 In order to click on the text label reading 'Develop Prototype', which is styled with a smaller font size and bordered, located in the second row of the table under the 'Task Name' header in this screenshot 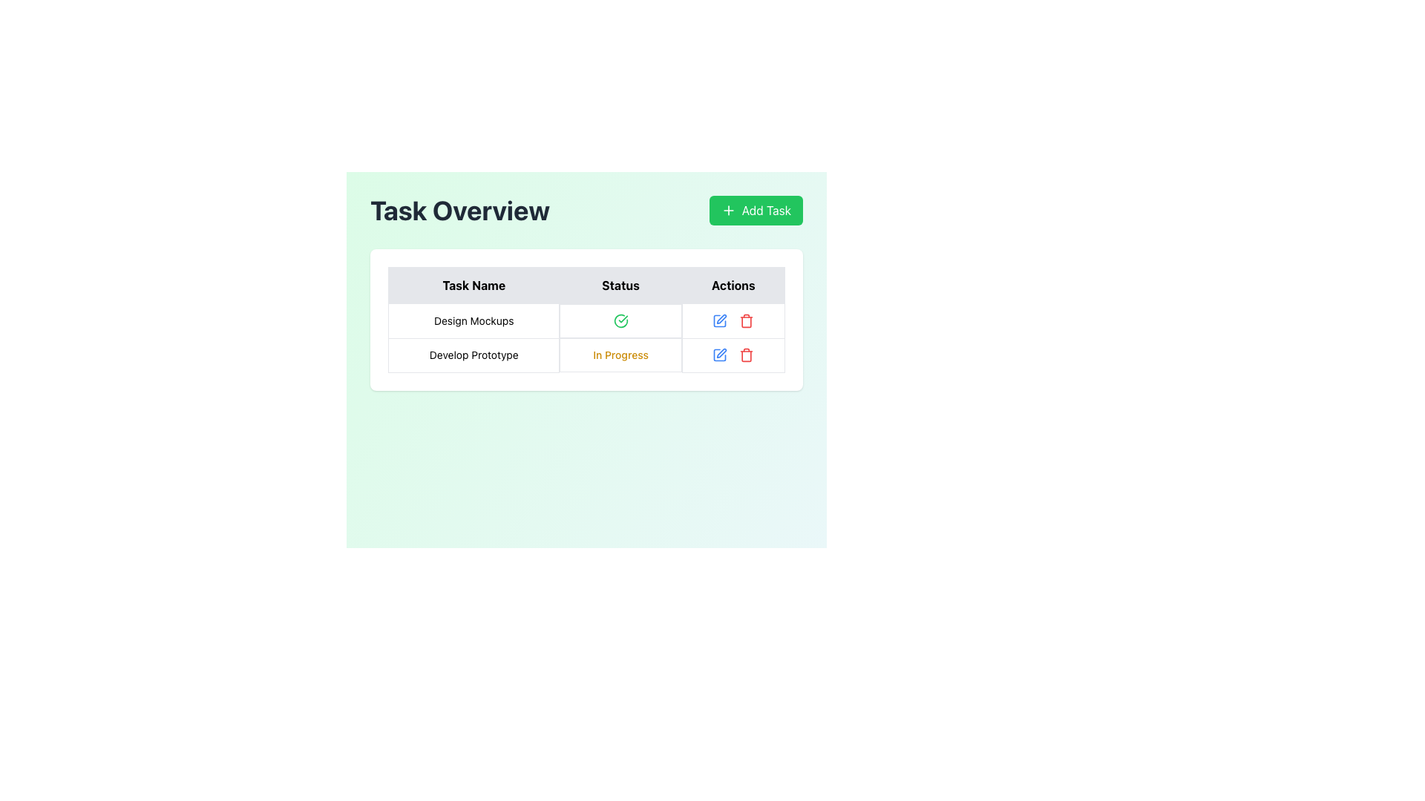, I will do `click(473, 355)`.